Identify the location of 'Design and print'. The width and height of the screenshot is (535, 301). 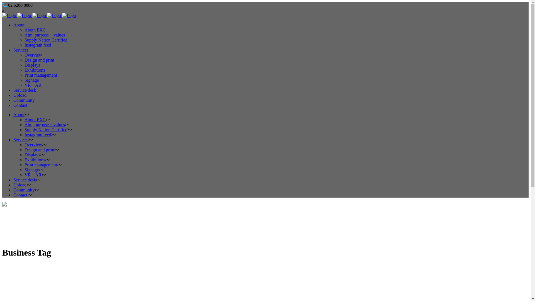
(39, 60).